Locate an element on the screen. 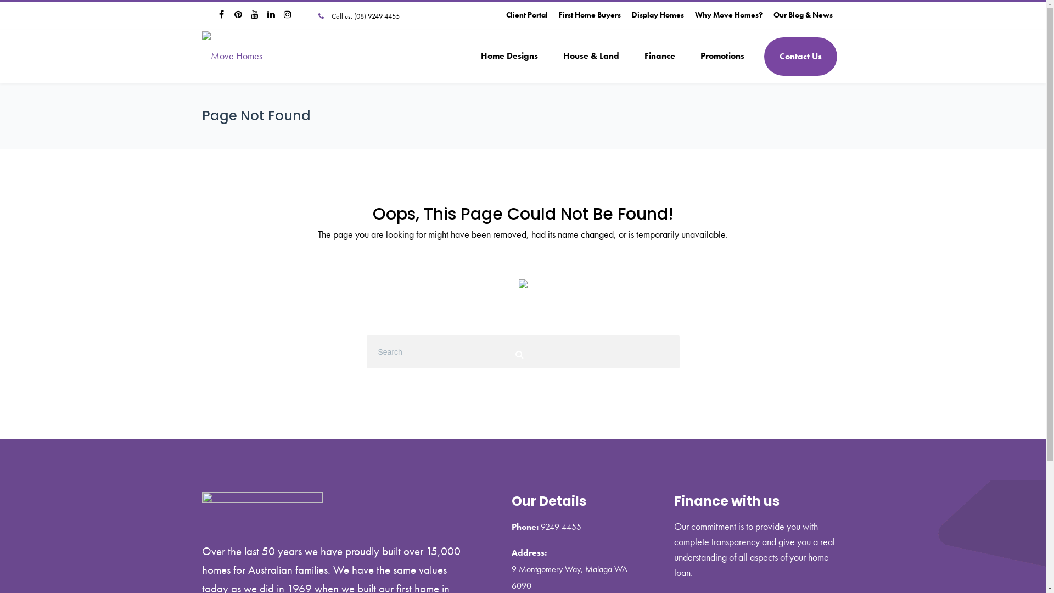 The height and width of the screenshot is (593, 1054). 'Move Homes' is located at coordinates (231, 55).